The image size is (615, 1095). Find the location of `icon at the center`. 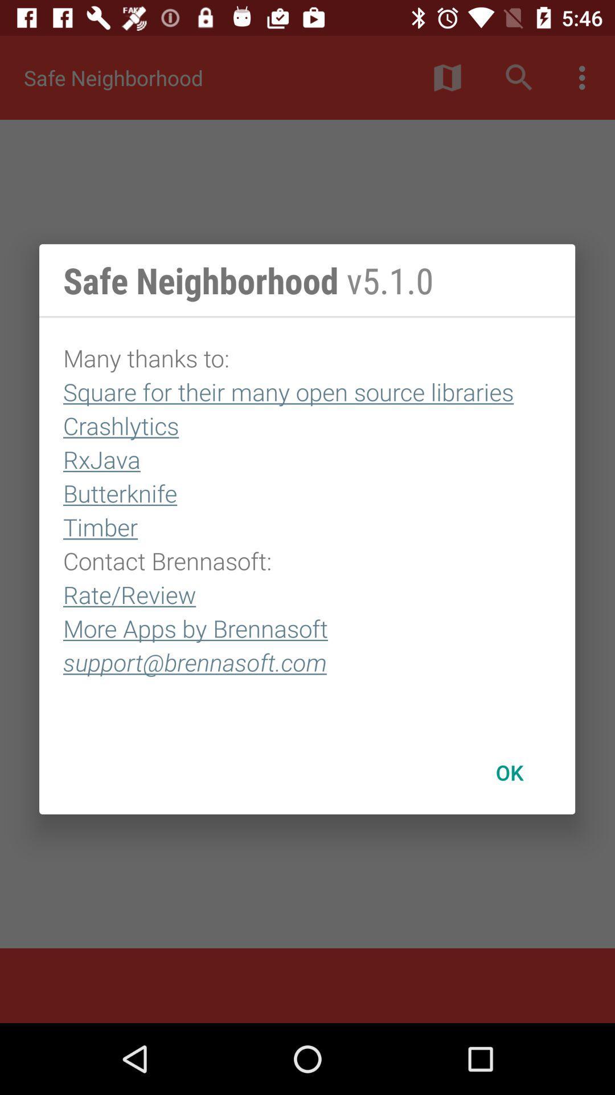

icon at the center is located at coordinates (306, 524).